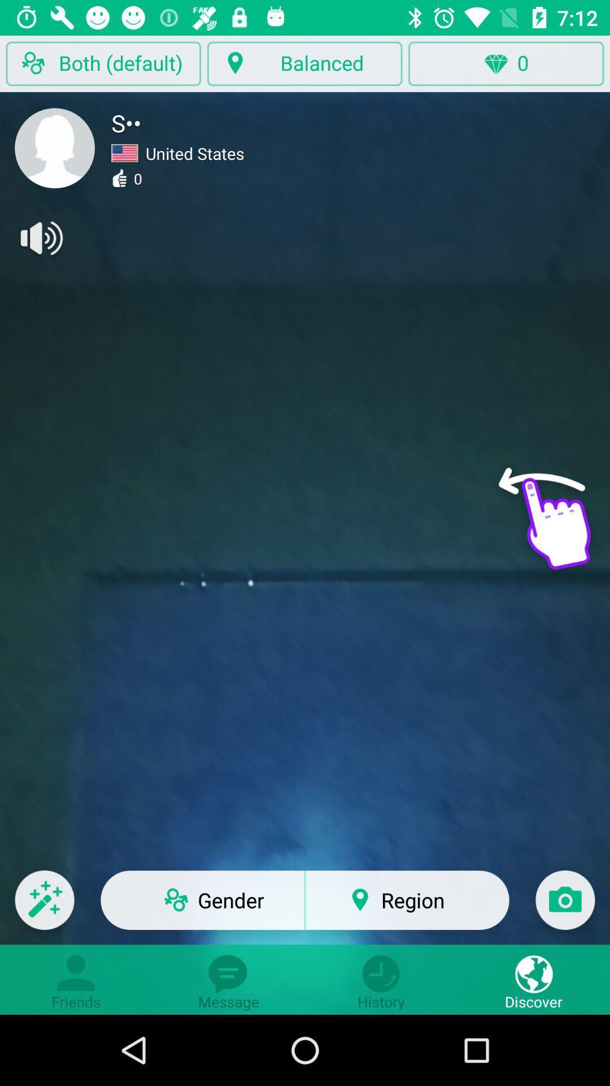 The height and width of the screenshot is (1086, 610). Describe the element at coordinates (229, 979) in the screenshot. I see `message icon at bottom` at that location.